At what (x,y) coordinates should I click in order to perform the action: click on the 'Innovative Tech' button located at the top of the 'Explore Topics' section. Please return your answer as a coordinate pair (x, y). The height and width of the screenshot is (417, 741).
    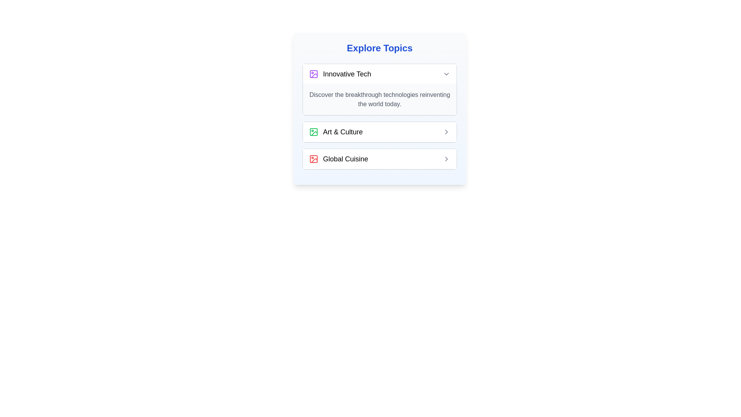
    Looking at the image, I should click on (379, 74).